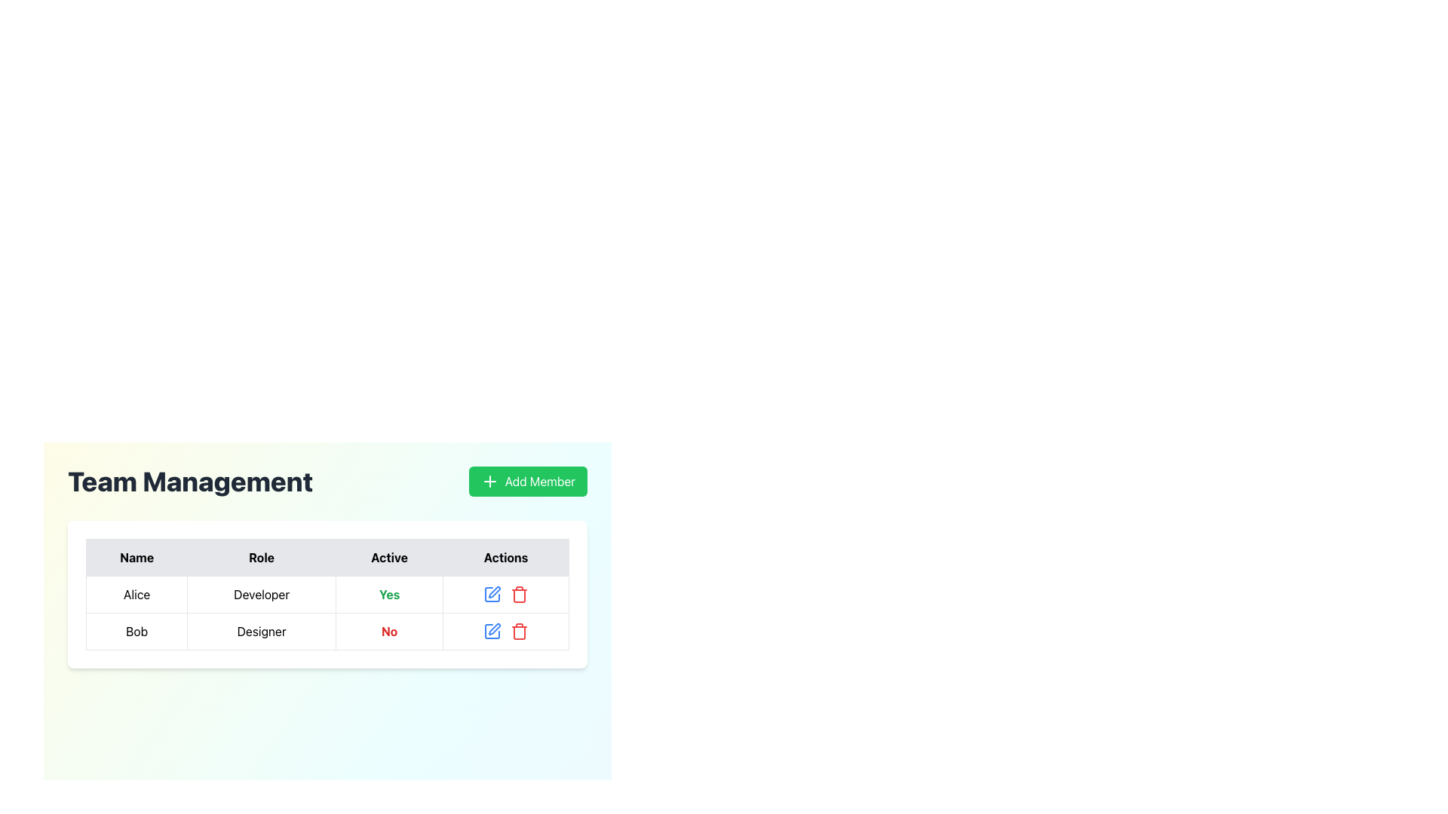 This screenshot has height=814, width=1448. Describe the element at coordinates (492, 631) in the screenshot. I see `the square icon with rounded corners in the 'Actions' column for the team member 'Bob'` at that location.